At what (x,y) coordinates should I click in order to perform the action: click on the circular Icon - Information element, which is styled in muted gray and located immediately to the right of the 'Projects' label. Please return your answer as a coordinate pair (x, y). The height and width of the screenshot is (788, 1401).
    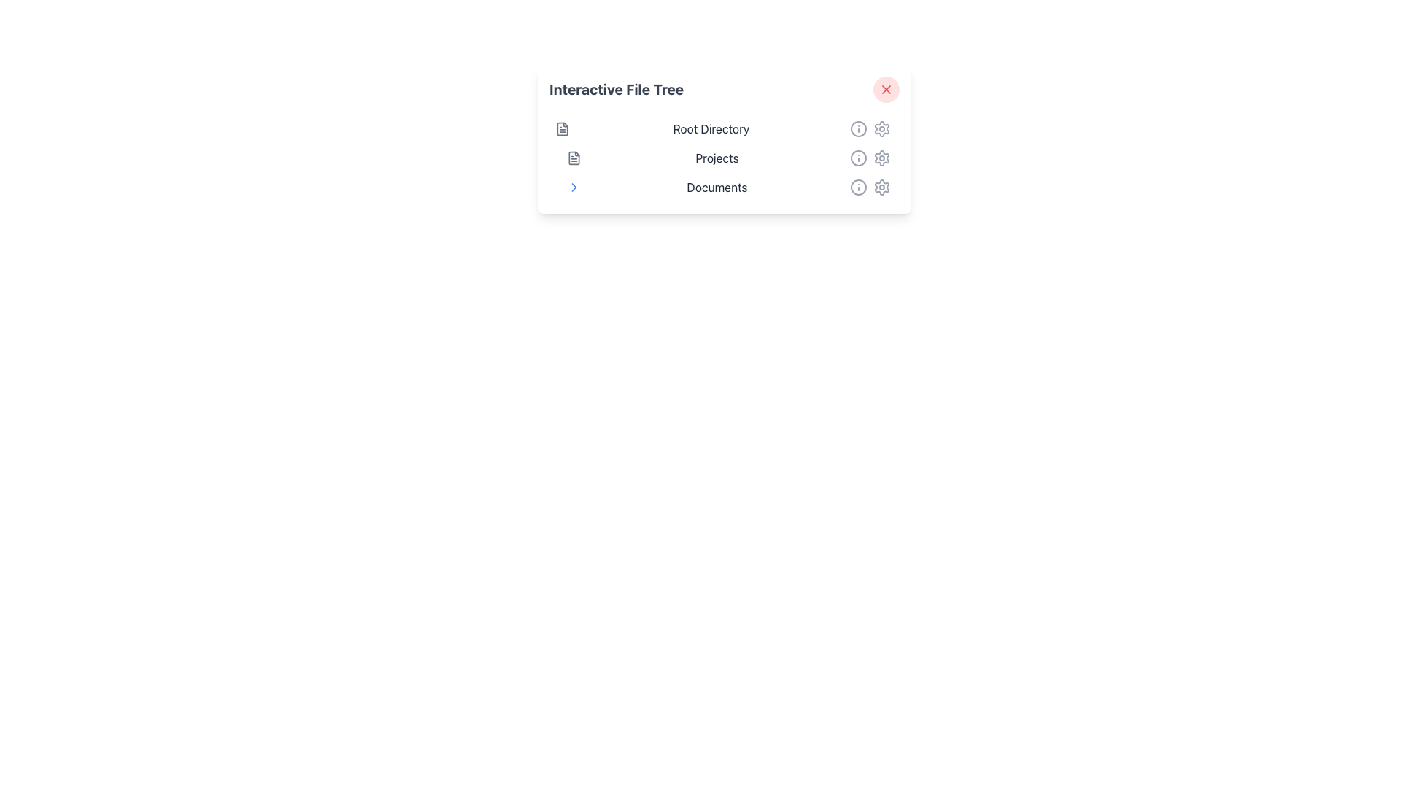
    Looking at the image, I should click on (858, 158).